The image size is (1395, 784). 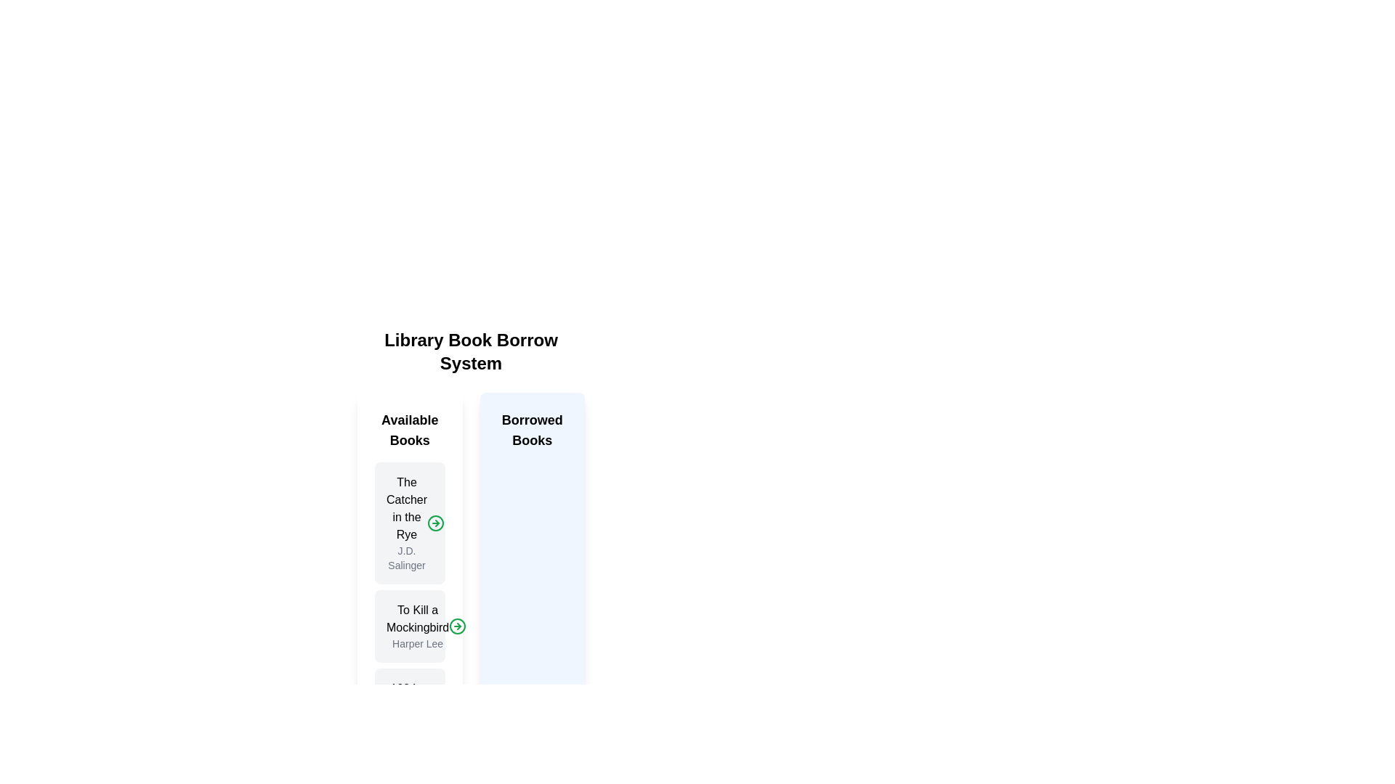 I want to click on the top list item in the 'Available Books' section that displays 'The Catcher in the Rye' by J.D. Salinger, so click(x=409, y=523).